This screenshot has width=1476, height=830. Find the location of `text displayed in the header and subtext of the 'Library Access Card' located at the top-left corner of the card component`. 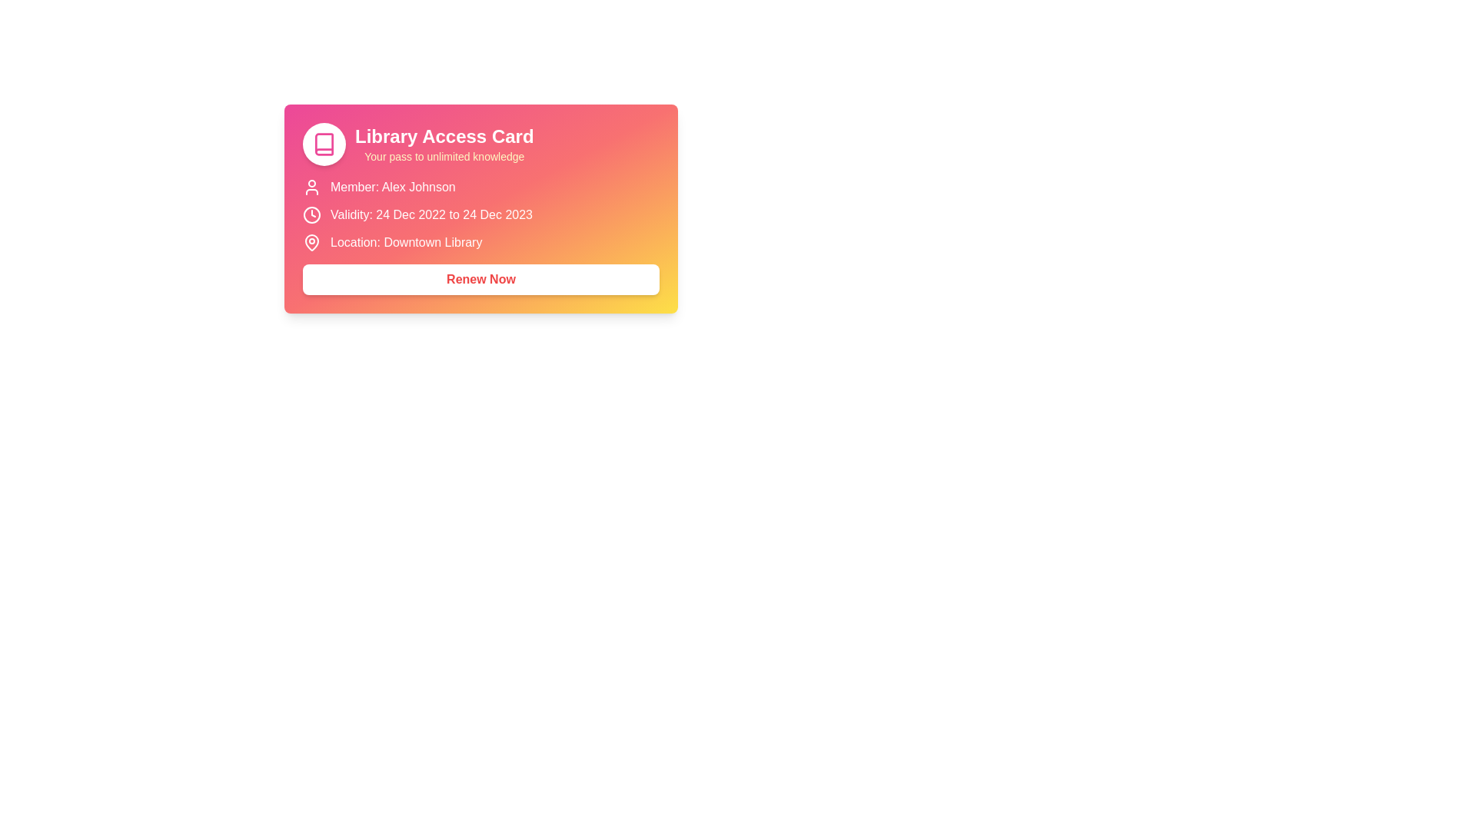

text displayed in the header and subtext of the 'Library Access Card' located at the top-left corner of the card component is located at coordinates (444, 144).